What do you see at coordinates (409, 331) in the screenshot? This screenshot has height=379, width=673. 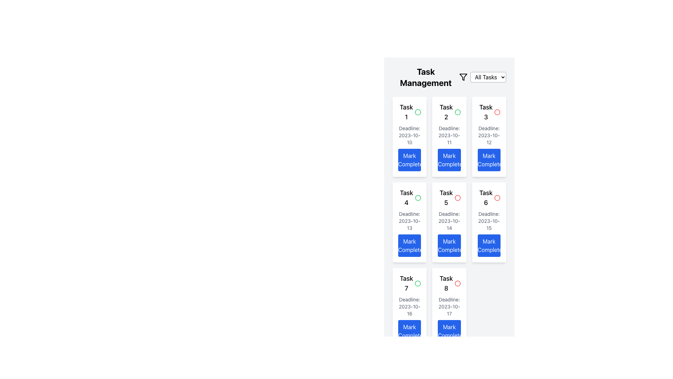 I see `the 'Mark Completed' button with a blue background and white bold text located at the bottom of 'Task 7' card` at bounding box center [409, 331].